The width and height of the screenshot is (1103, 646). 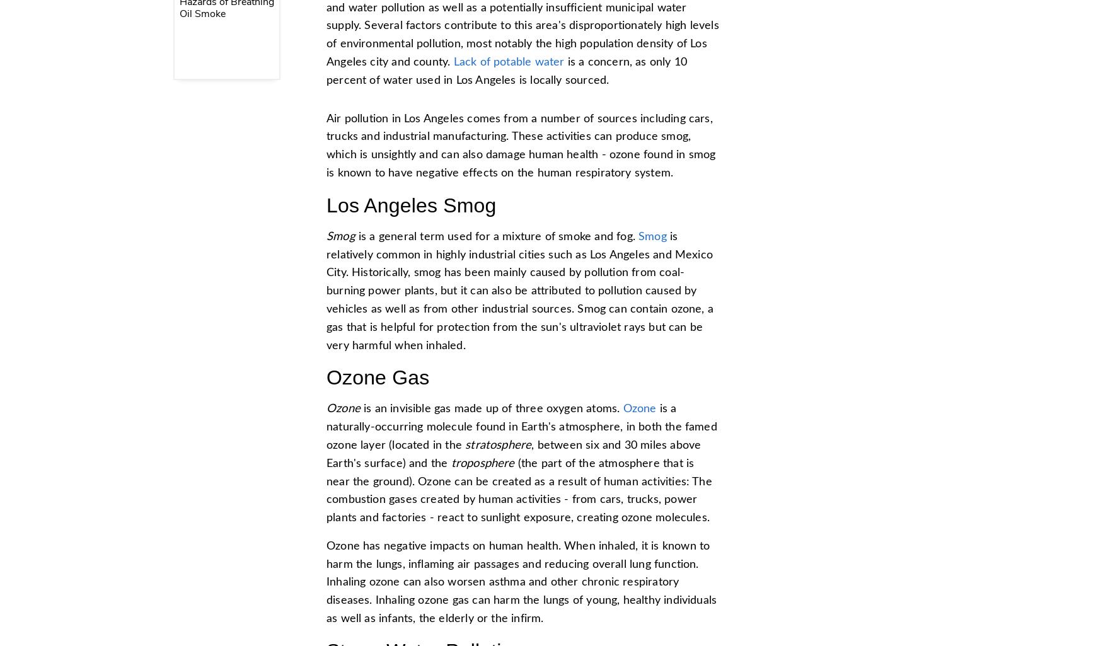 What do you see at coordinates (410, 205) in the screenshot?
I see `'Los Angeles Smog'` at bounding box center [410, 205].